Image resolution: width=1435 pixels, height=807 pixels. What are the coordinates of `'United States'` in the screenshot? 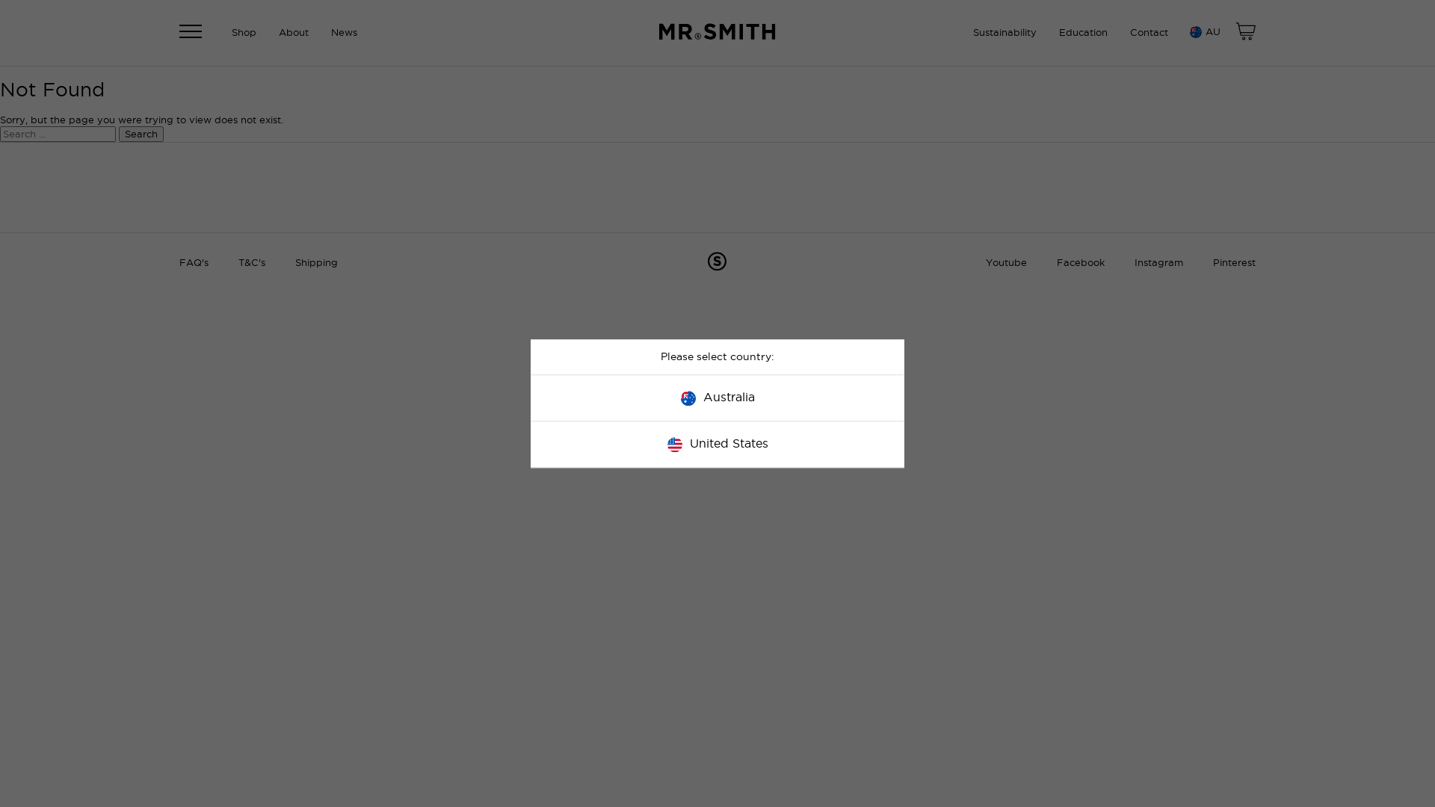 It's located at (717, 443).